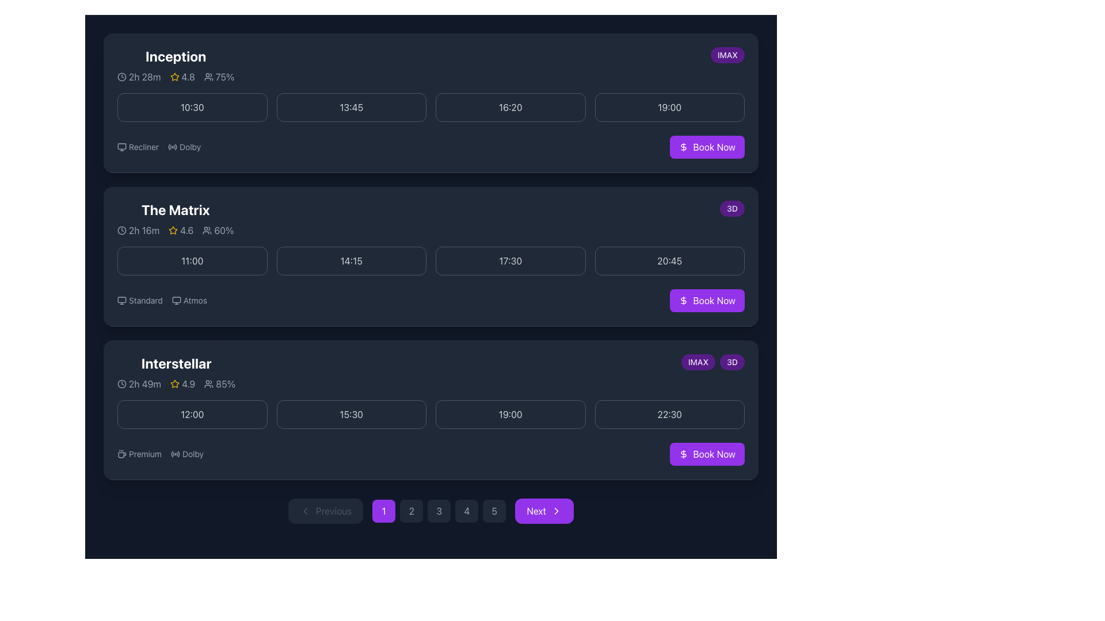  What do you see at coordinates (193, 454) in the screenshot?
I see `the text label displaying 'Dolby', which indicates the audio format for the movie 'Interstellar', located below the 'Premium' label and to the right of a speaker-like icon` at bounding box center [193, 454].